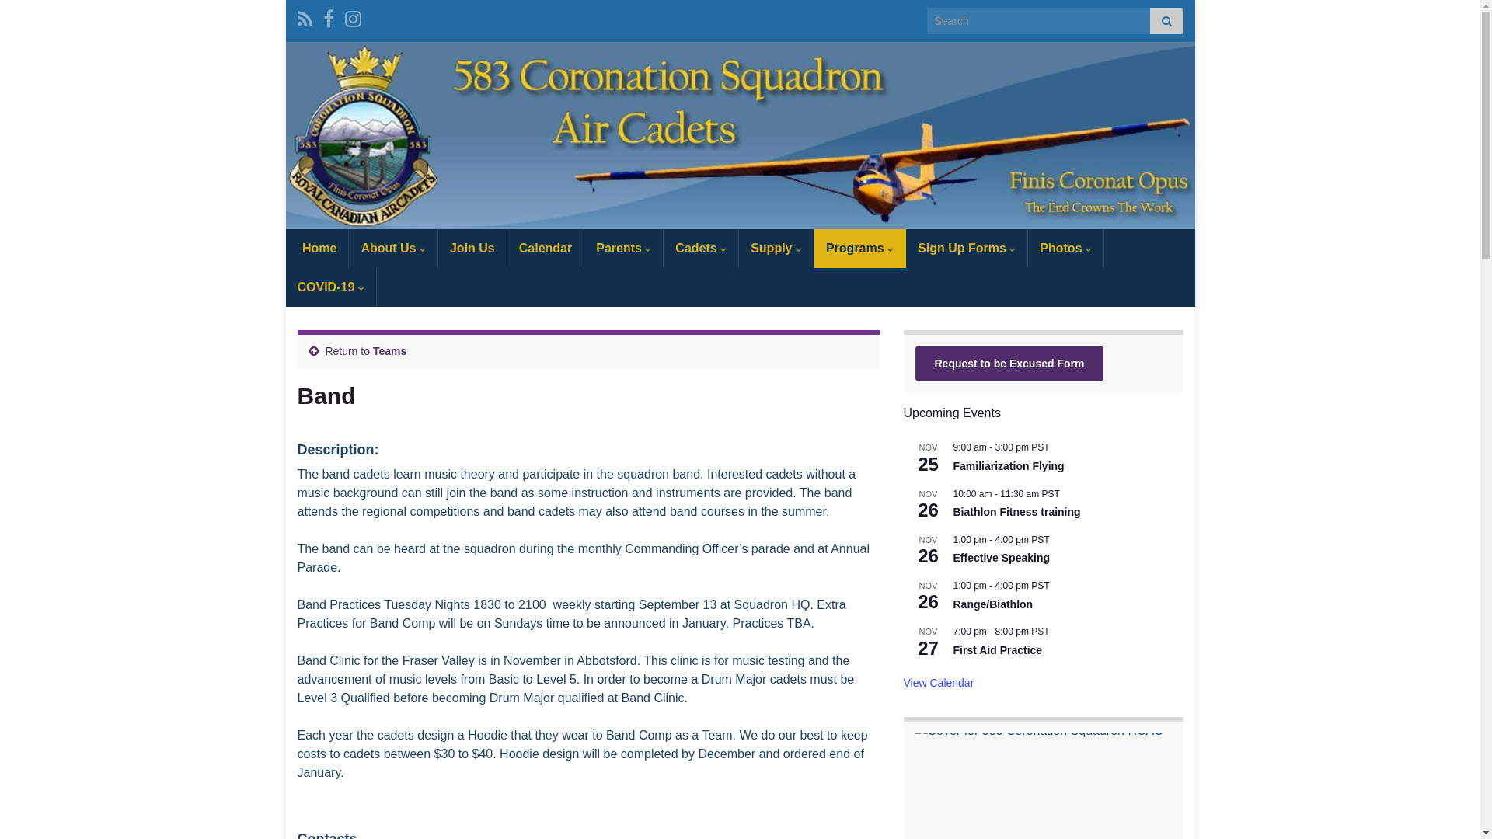 The width and height of the screenshot is (1492, 839). Describe the element at coordinates (316, 248) in the screenshot. I see `'Home'` at that location.